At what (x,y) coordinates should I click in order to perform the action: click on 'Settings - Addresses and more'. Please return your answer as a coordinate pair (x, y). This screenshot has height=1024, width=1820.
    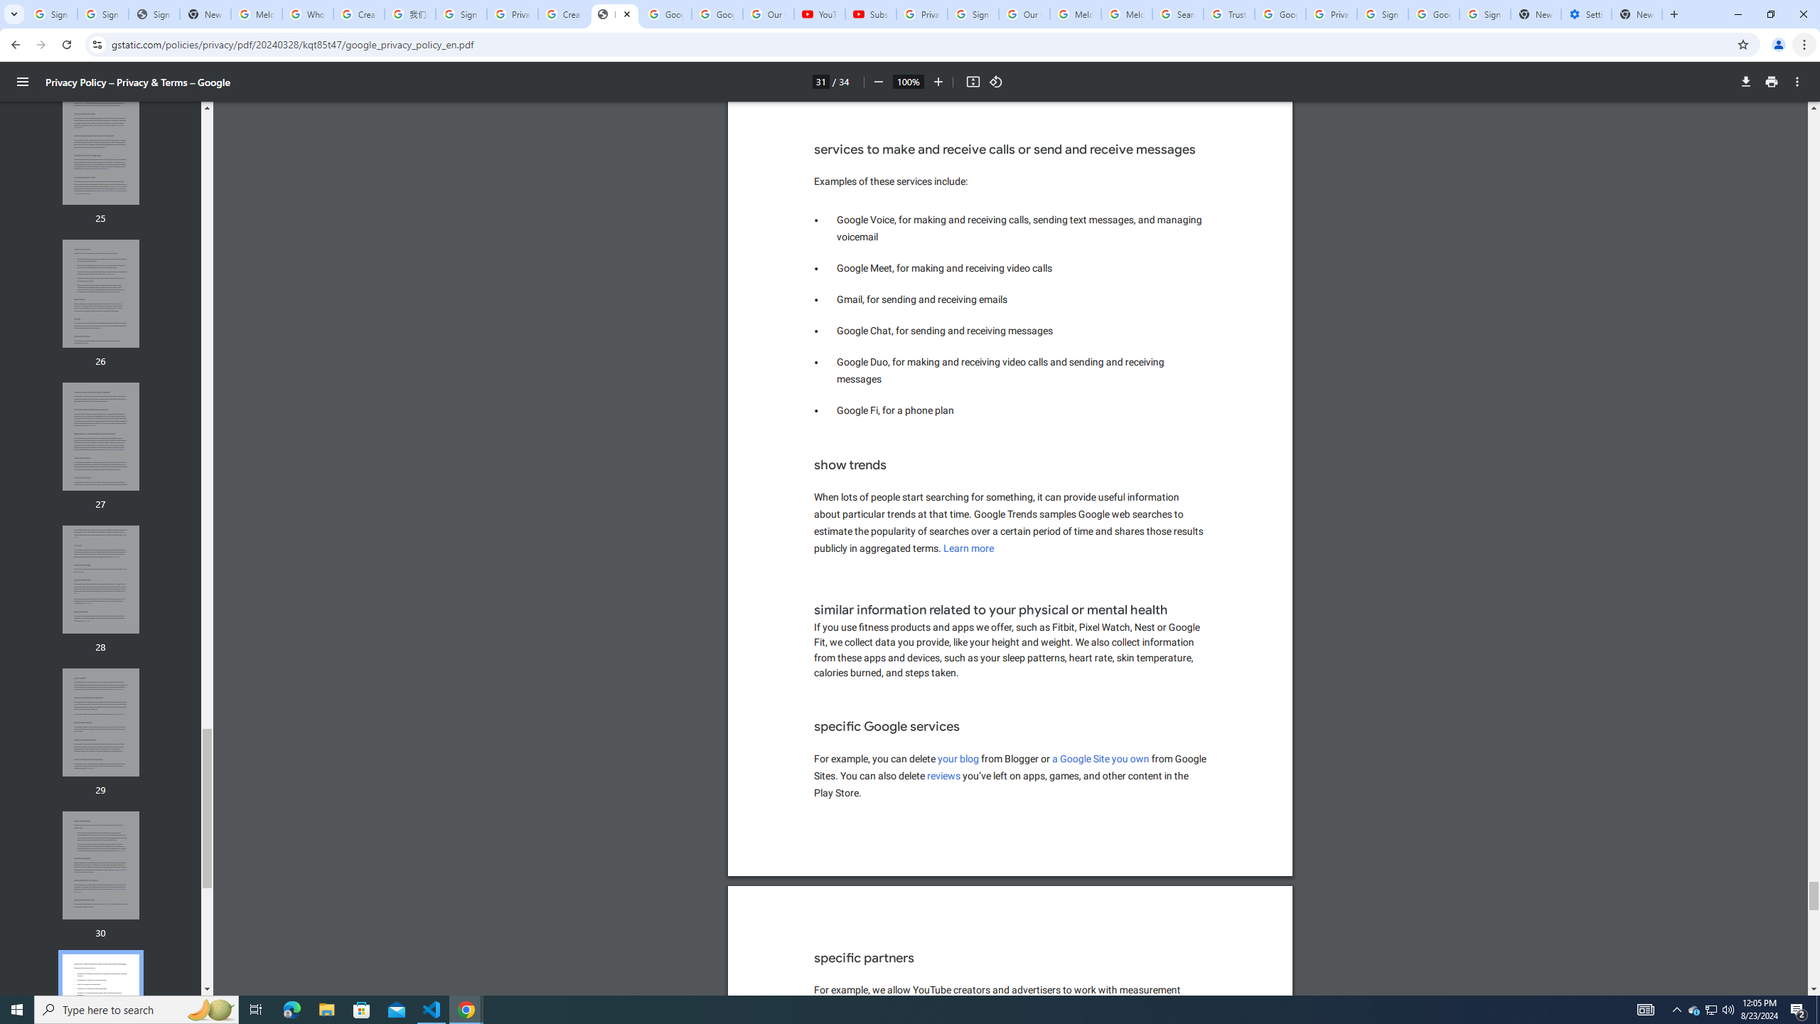
    Looking at the image, I should click on (1585, 14).